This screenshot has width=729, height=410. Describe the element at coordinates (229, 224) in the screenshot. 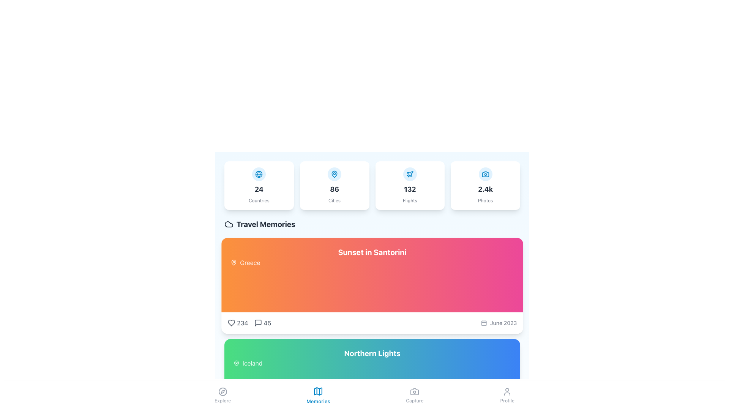

I see `the decorative icon associated with the 'Travel Memories' title, located at the top left of the content section` at that location.